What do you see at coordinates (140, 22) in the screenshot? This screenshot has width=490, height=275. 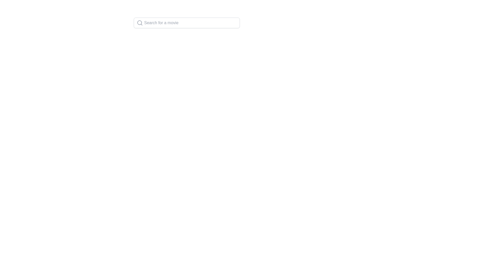 I see `the search icon, which is a gray magnifying glass symbol located to the left of the search input field with the placeholder text 'Search for a movie'` at bounding box center [140, 22].